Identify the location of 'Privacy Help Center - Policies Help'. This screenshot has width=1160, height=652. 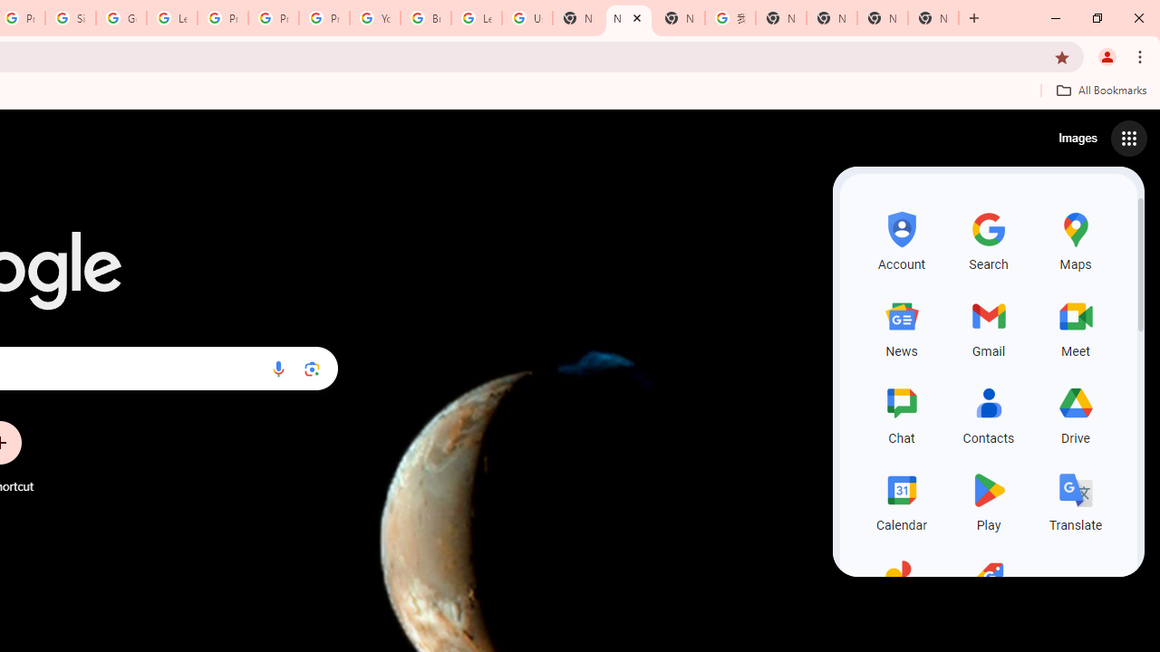
(273, 18).